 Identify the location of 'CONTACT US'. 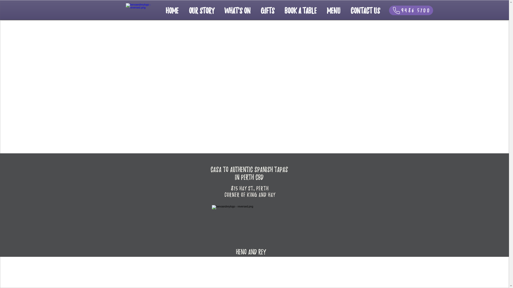
(365, 10).